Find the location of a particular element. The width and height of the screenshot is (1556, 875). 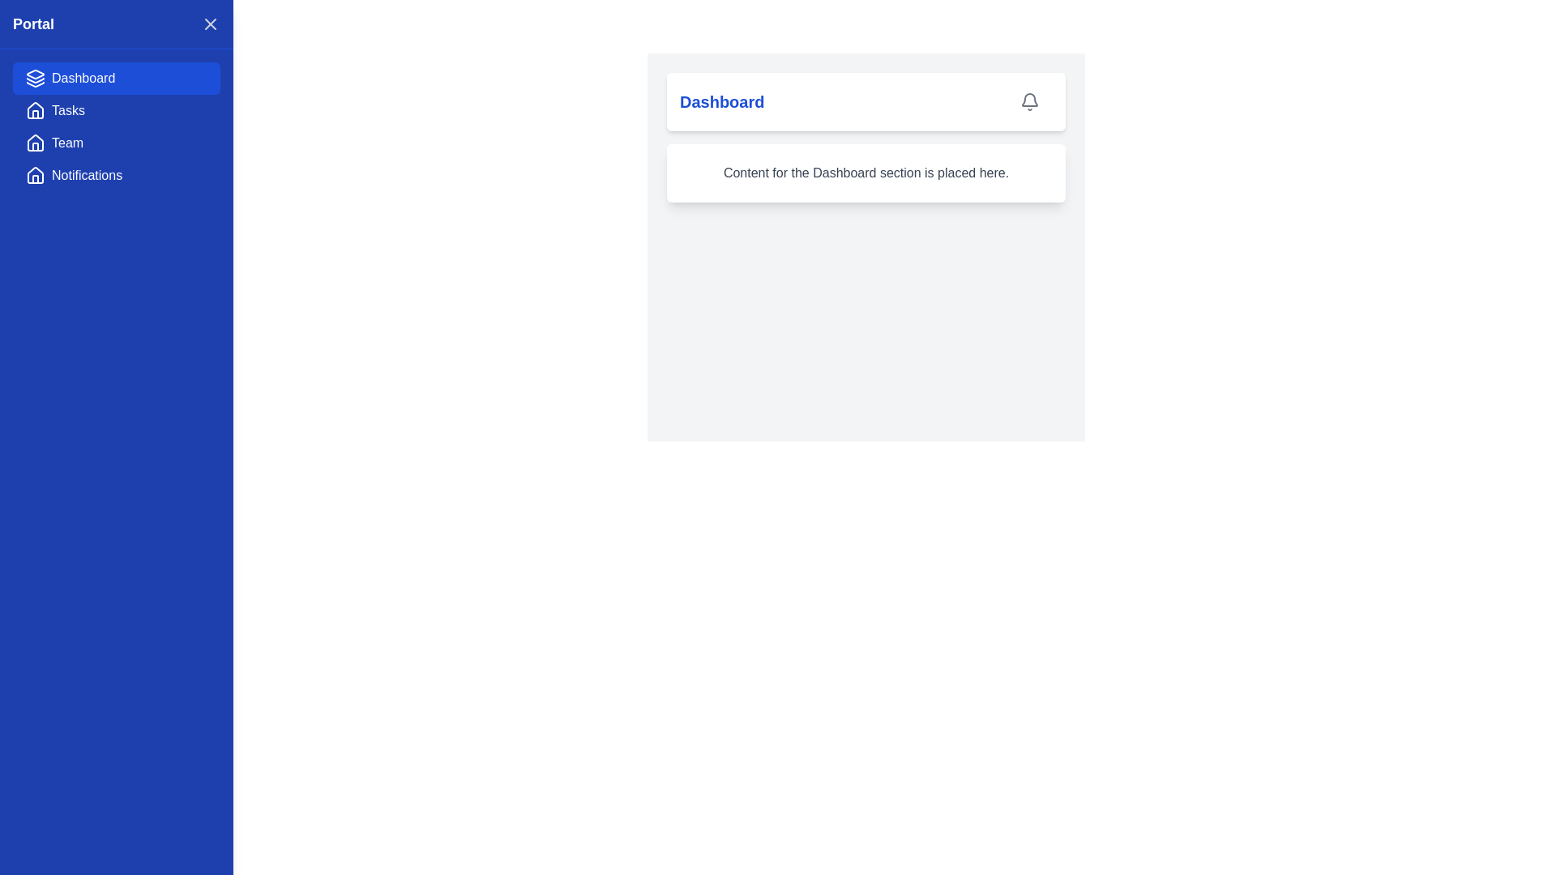

the close or dismiss icon (cross shape) located in the top-right corner of the sidebar, adjacent to the title 'Portal' is located at coordinates (209, 24).